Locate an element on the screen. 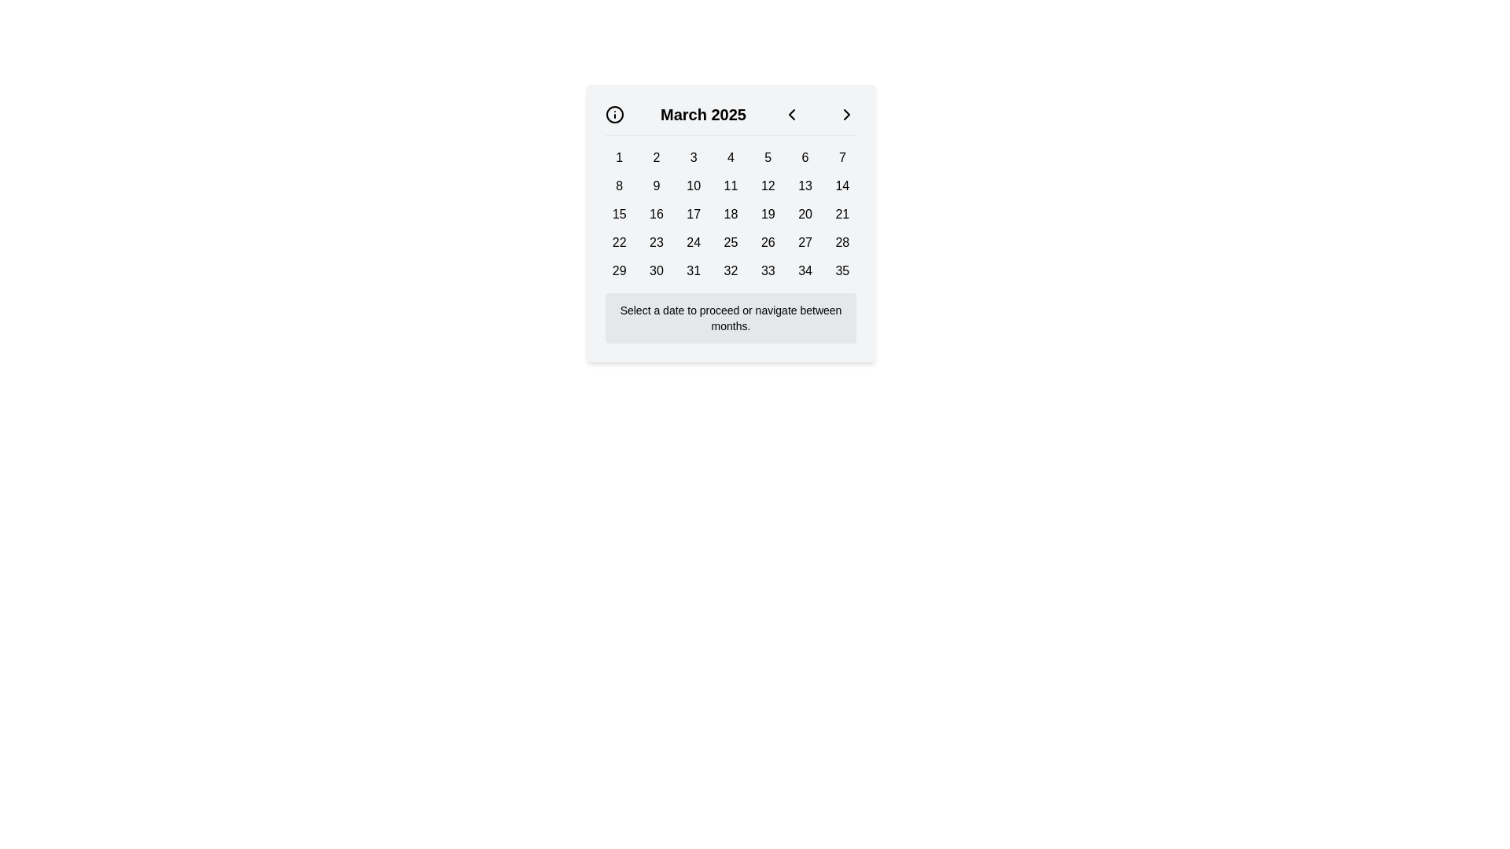  the button labeled '2' in the grid layout is located at coordinates (657, 157).